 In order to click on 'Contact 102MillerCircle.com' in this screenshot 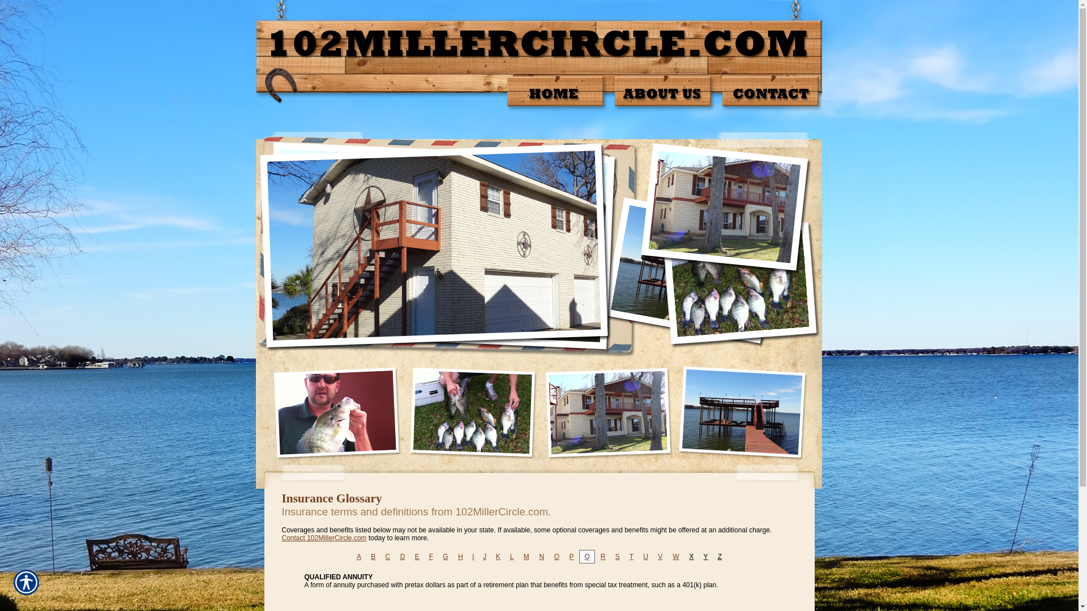, I will do `click(323, 537)`.